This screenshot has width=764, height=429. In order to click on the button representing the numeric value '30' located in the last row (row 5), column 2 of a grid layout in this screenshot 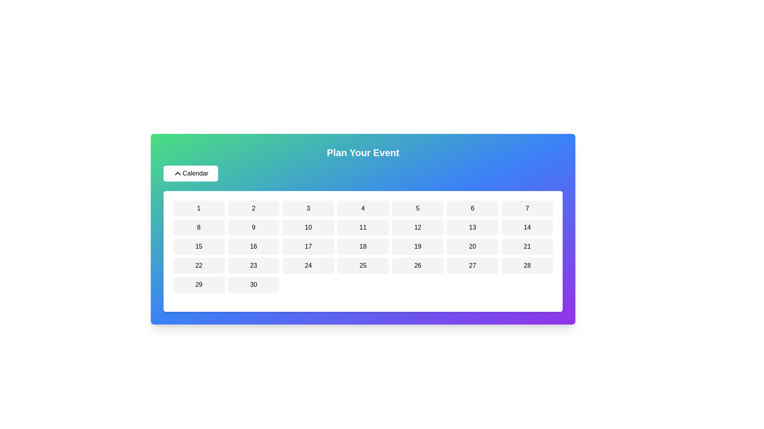, I will do `click(253, 284)`.